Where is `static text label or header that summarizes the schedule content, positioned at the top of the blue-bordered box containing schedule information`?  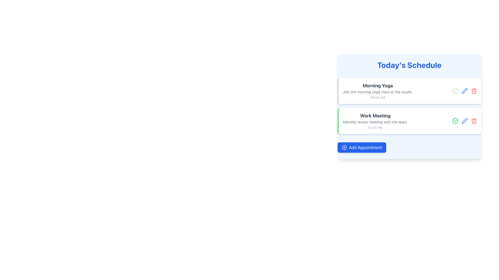 static text label or header that summarizes the schedule content, positioned at the top of the blue-bordered box containing schedule information is located at coordinates (409, 65).